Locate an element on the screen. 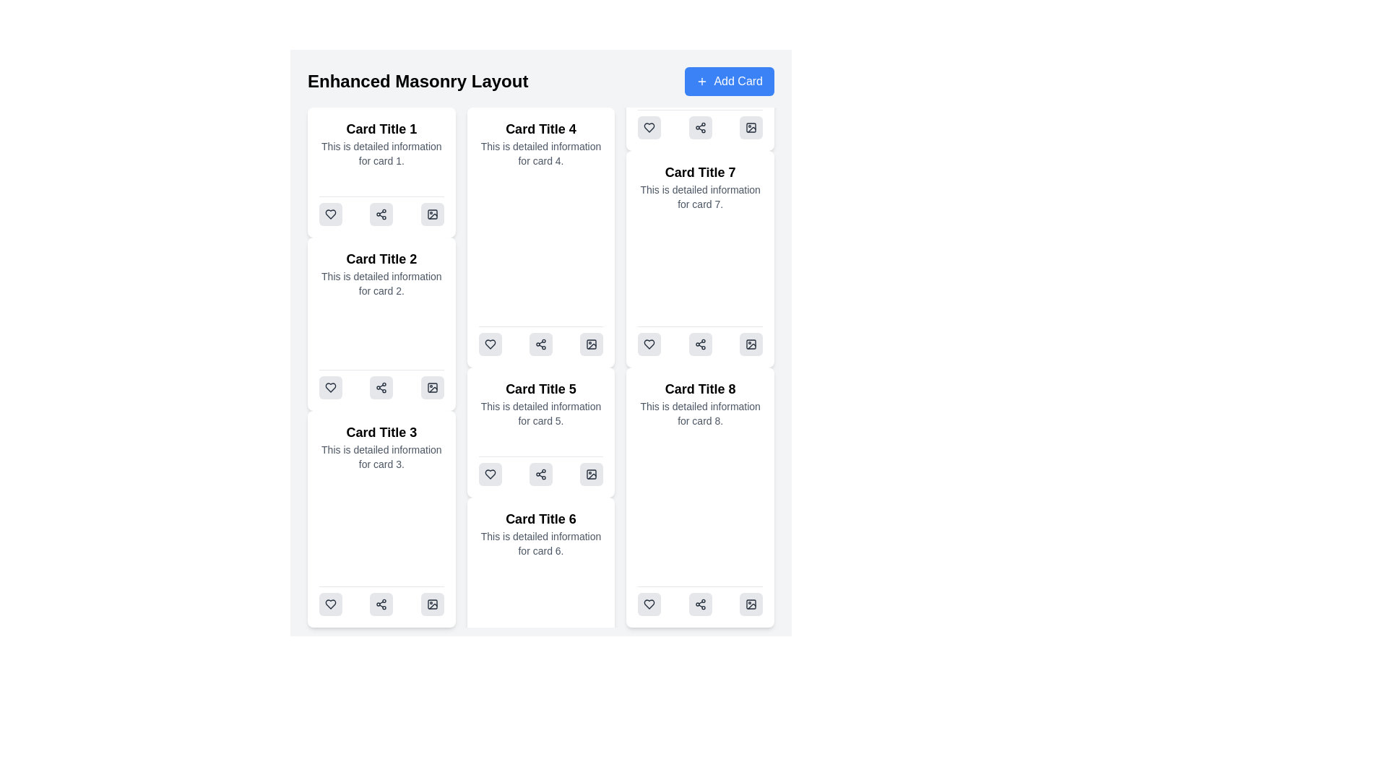  the image icon, which is the third icon in the horizontal row of action buttons at the bottom of 'Card Title 2' is located at coordinates (431, 214).